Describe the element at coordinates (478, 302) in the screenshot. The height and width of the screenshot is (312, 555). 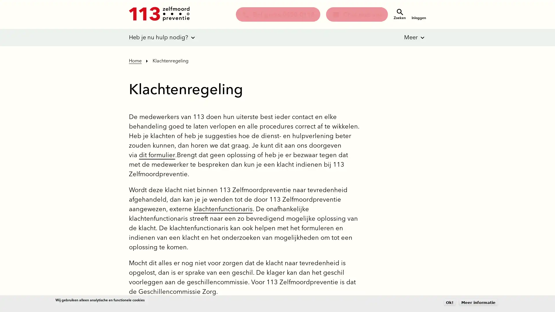
I see `Meer informatie` at that location.